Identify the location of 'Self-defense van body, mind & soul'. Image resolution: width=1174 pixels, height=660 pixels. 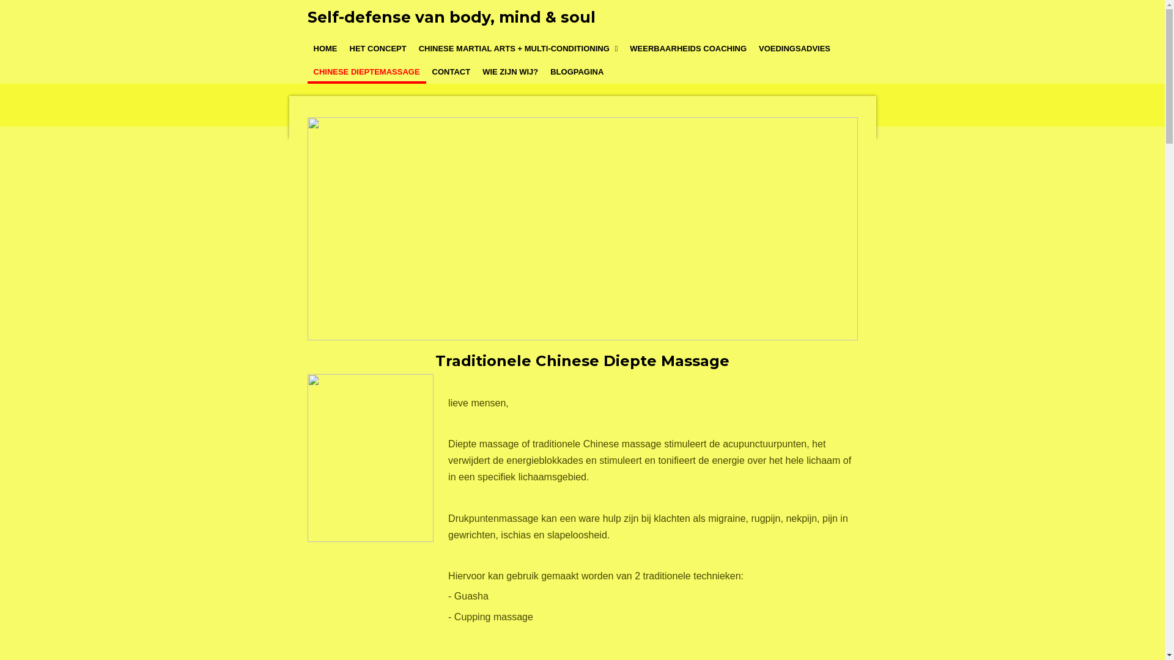
(450, 16).